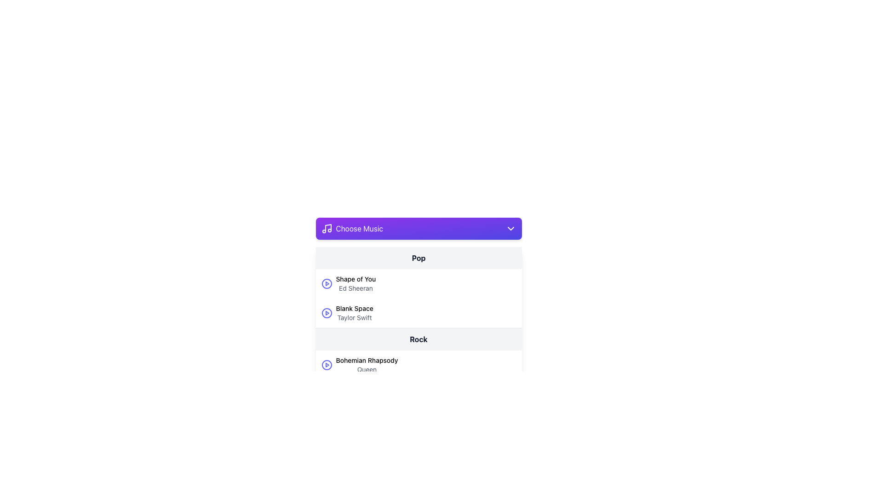  What do you see at coordinates (327, 228) in the screenshot?
I see `the music icon located at the far left of the 'Choose Music' section header` at bounding box center [327, 228].